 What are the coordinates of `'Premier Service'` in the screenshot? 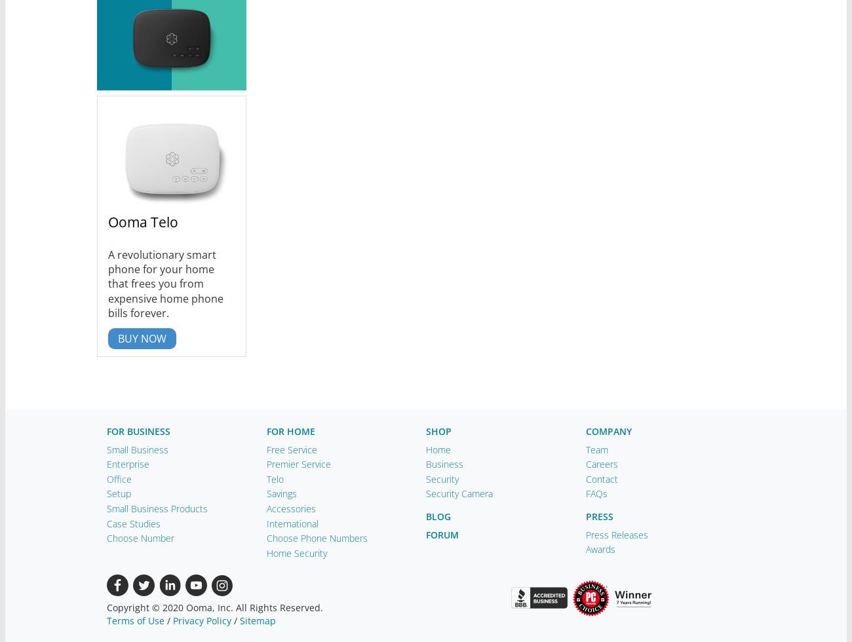 It's located at (297, 464).